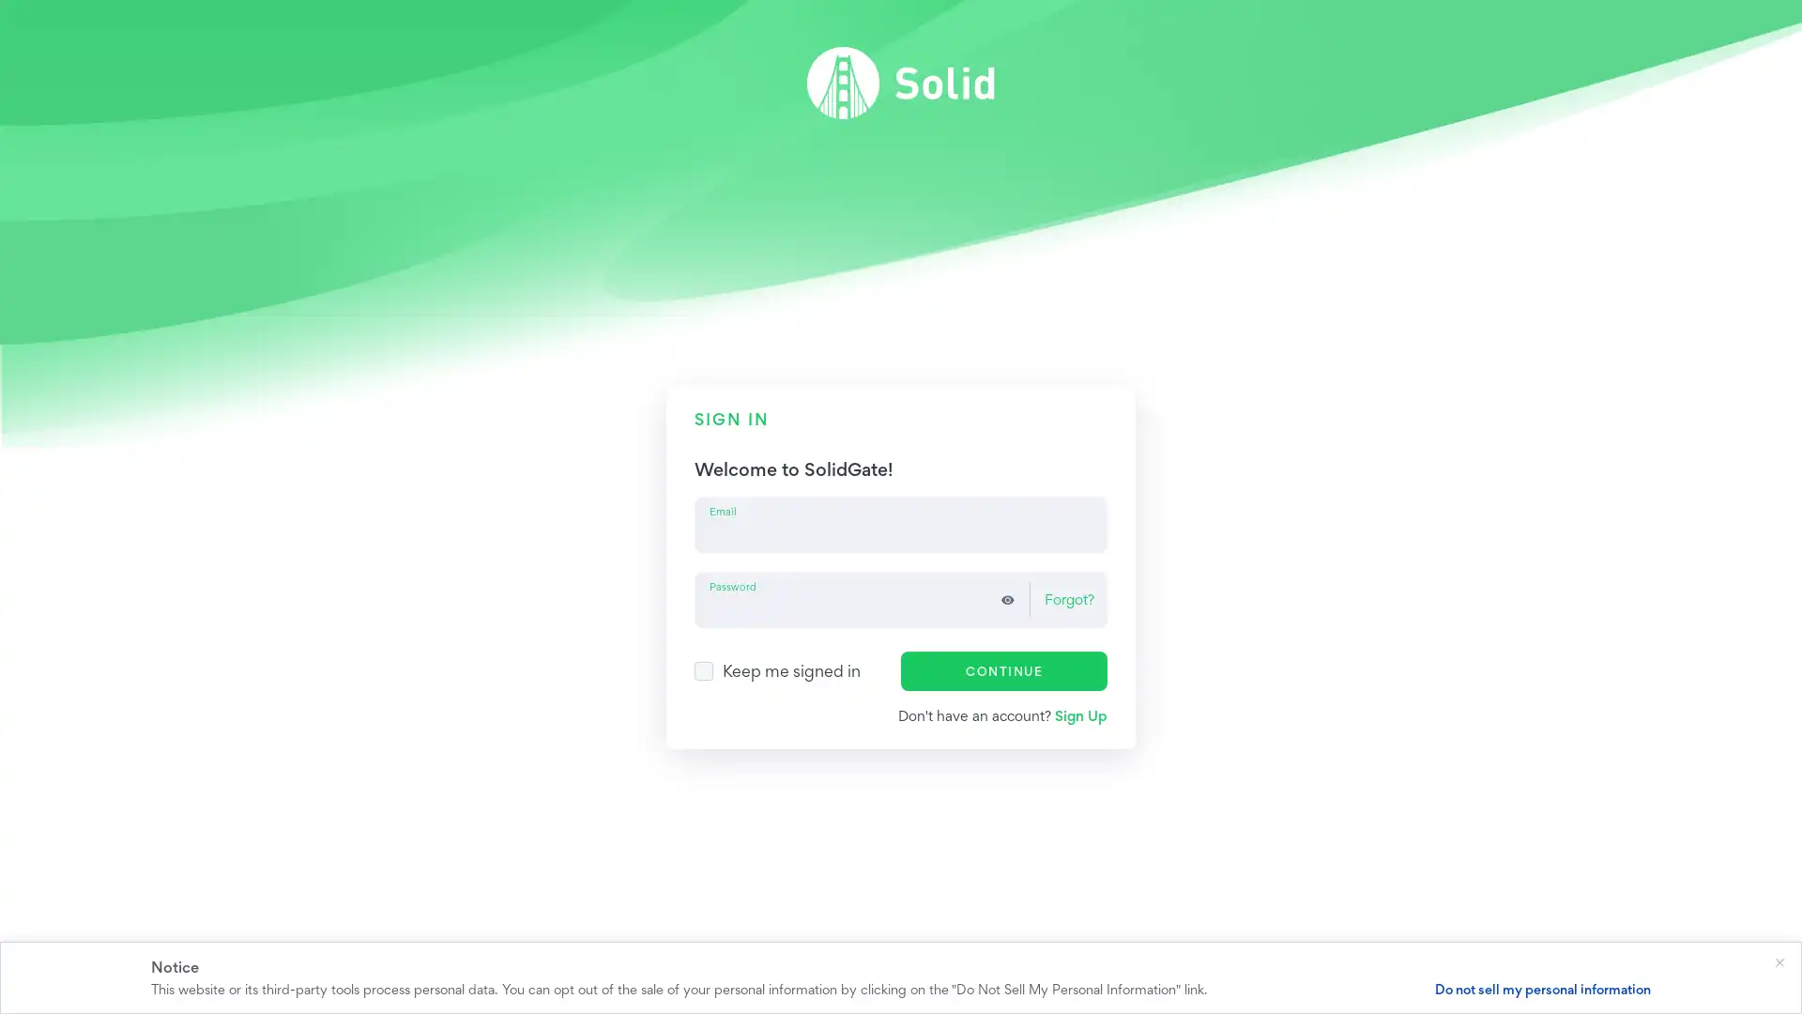  Describe the element at coordinates (1779, 960) in the screenshot. I see `consent-close-icon` at that location.